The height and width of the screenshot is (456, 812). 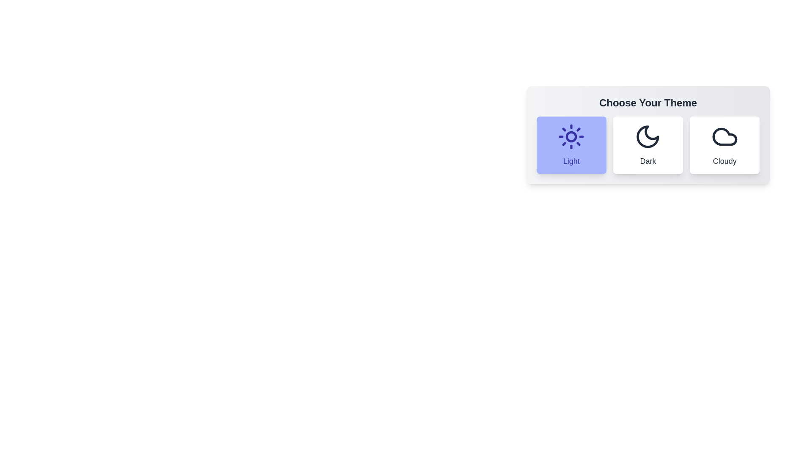 What do you see at coordinates (647, 144) in the screenshot?
I see `the 'Dark' theme button located between the 'Light' and 'Cloudy' options in the 'Choose Your Theme' section` at bounding box center [647, 144].